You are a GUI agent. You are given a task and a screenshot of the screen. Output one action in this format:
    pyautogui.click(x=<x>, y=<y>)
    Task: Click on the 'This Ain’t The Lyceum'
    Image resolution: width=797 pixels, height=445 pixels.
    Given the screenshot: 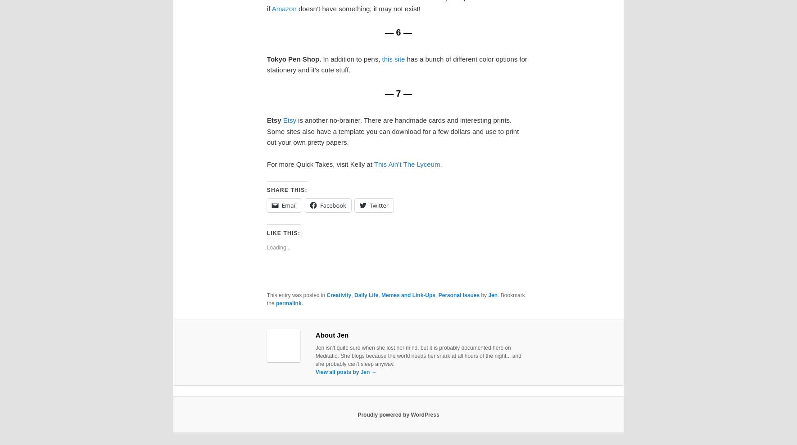 What is the action you would take?
    pyautogui.click(x=406, y=164)
    